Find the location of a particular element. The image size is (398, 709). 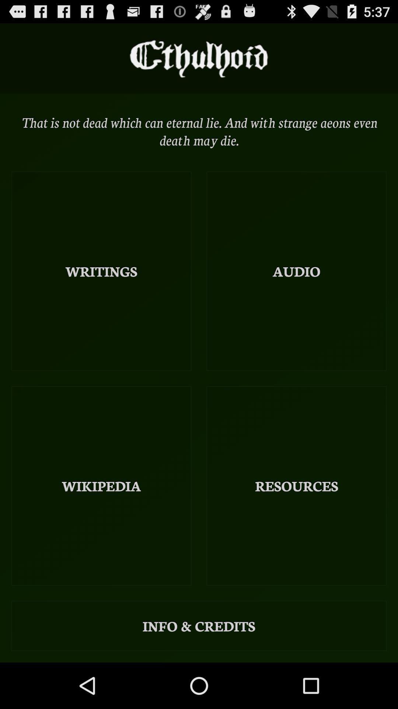

icon below audio icon is located at coordinates (296, 486).